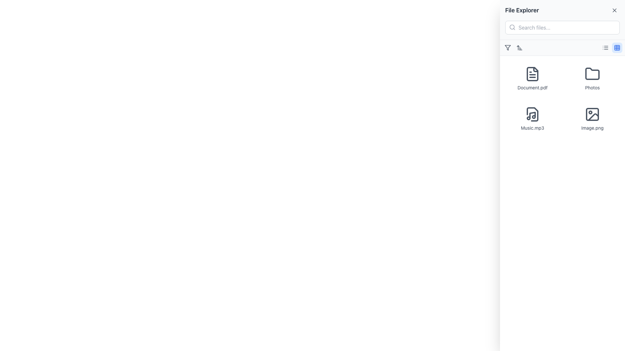 The height and width of the screenshot is (351, 625). What do you see at coordinates (617, 47) in the screenshot?
I see `the small blue icon button with a grid-like layout located in the top-right section of the interface` at bounding box center [617, 47].